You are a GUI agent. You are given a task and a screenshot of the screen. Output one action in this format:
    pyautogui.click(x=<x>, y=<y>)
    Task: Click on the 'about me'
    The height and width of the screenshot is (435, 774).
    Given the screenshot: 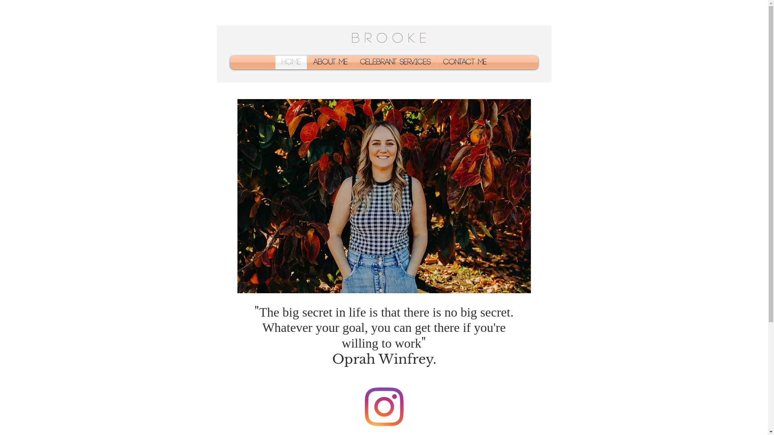 What is the action you would take?
    pyautogui.click(x=330, y=62)
    